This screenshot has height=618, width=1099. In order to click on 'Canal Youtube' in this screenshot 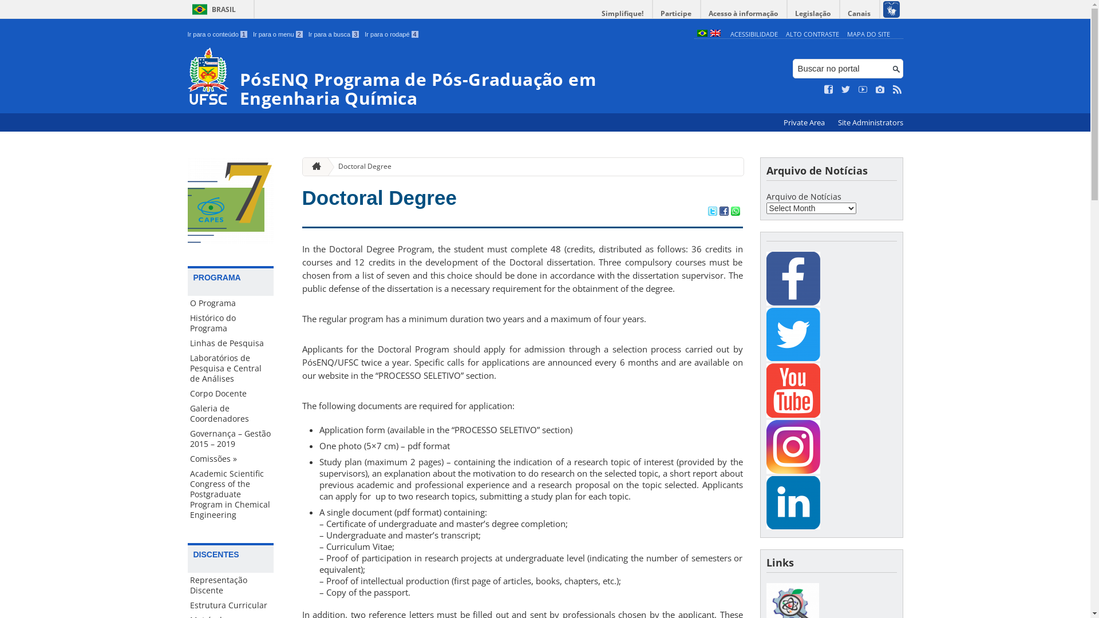, I will do `click(792, 390)`.